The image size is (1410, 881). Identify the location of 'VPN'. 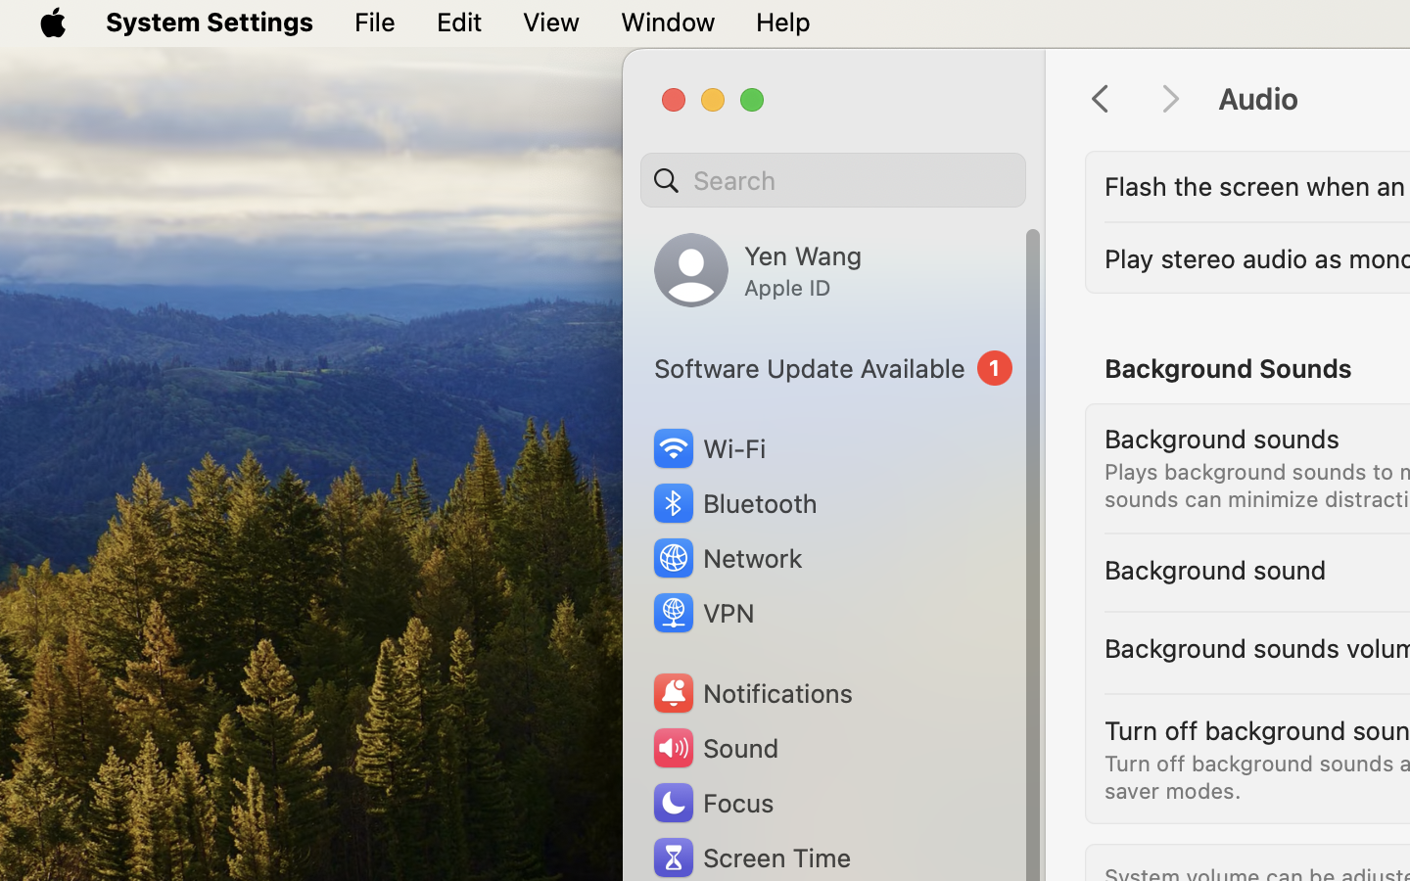
(701, 613).